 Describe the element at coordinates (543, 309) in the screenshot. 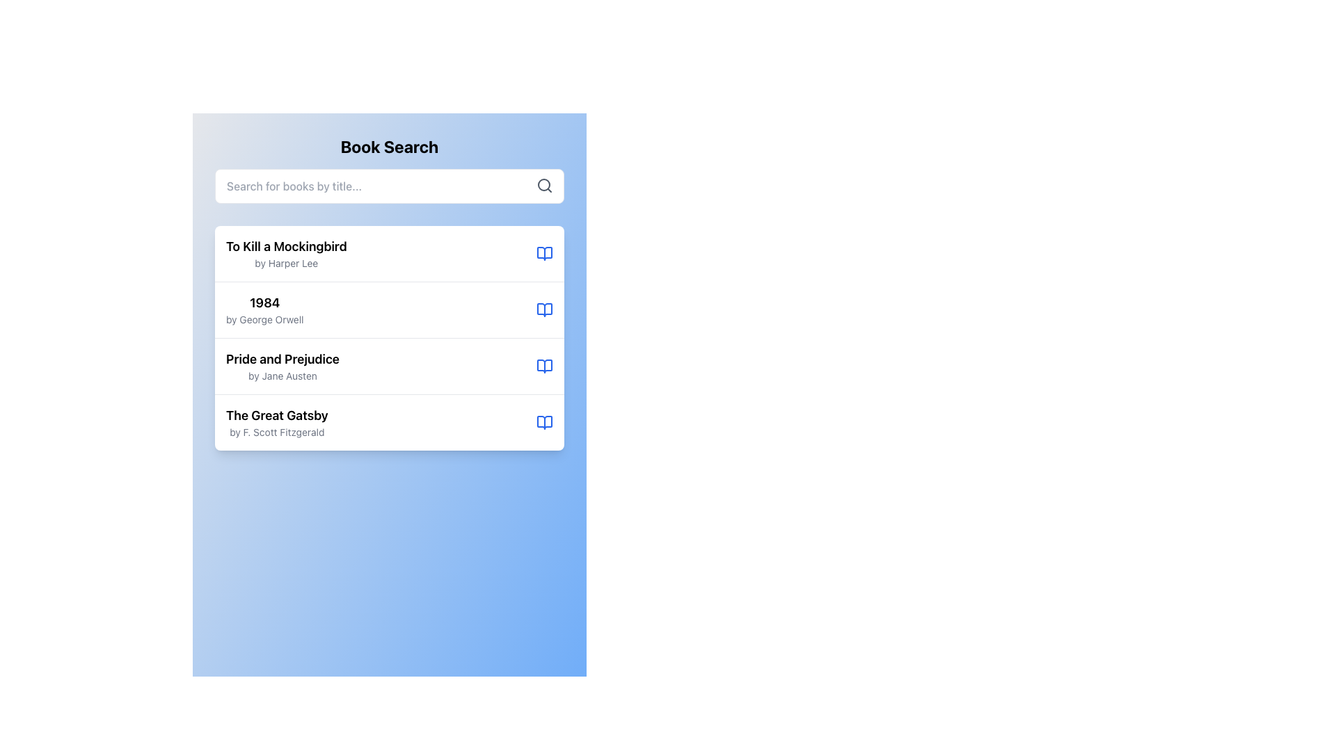

I see `the blue book icon located in the second list item for '1984 by George Orwell'` at that location.